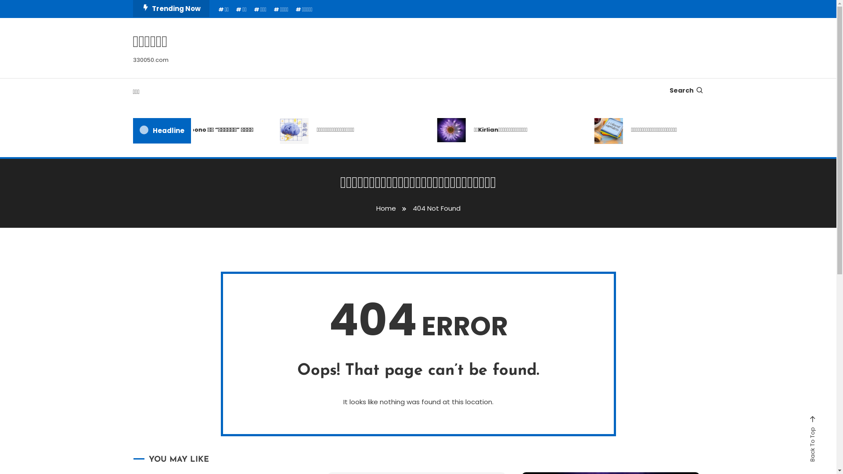 This screenshot has height=474, width=843. What do you see at coordinates (446, 252) in the screenshot?
I see `'Search'` at bounding box center [446, 252].